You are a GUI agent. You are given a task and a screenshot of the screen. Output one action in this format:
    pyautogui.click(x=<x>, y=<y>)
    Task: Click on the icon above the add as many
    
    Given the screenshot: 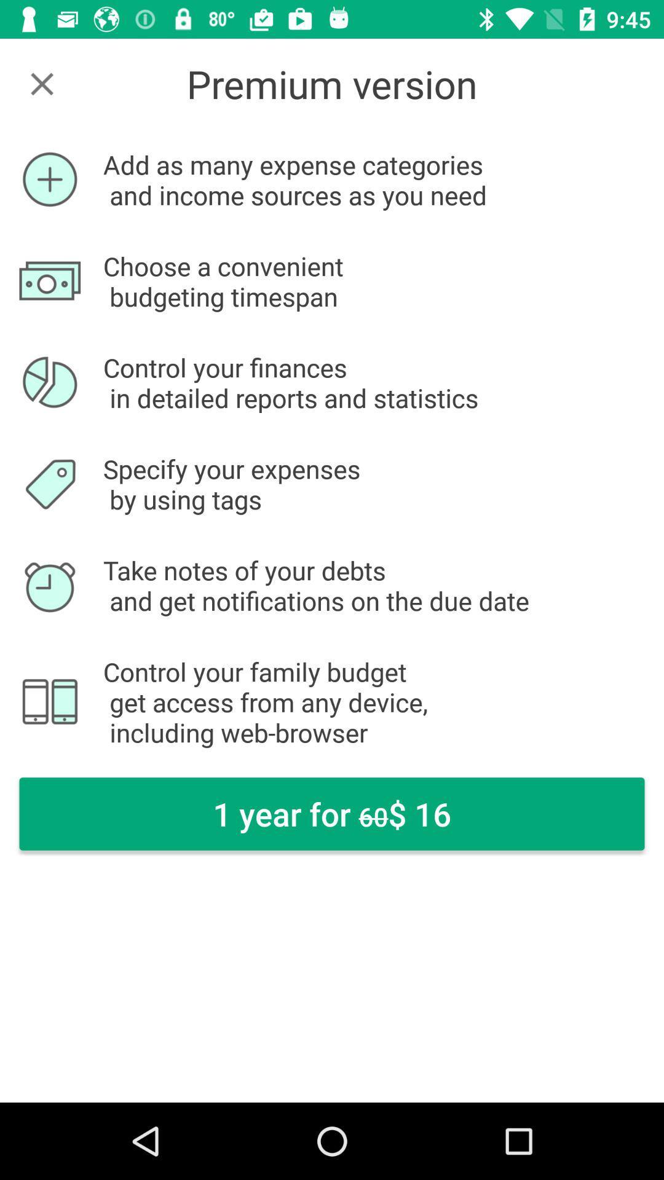 What is the action you would take?
    pyautogui.click(x=41, y=83)
    